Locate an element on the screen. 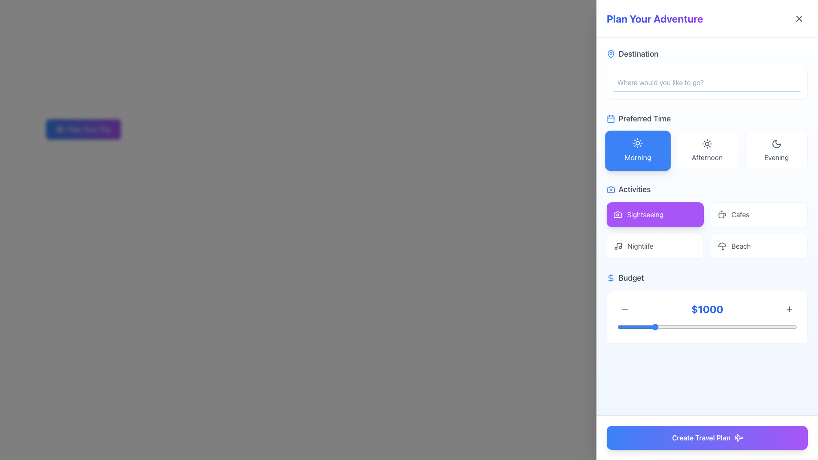 This screenshot has width=818, height=460. the 'Preferred Time' text label which is styled with a medium font weight in dark gray and located below the 'Destination' field is located at coordinates (645, 118).